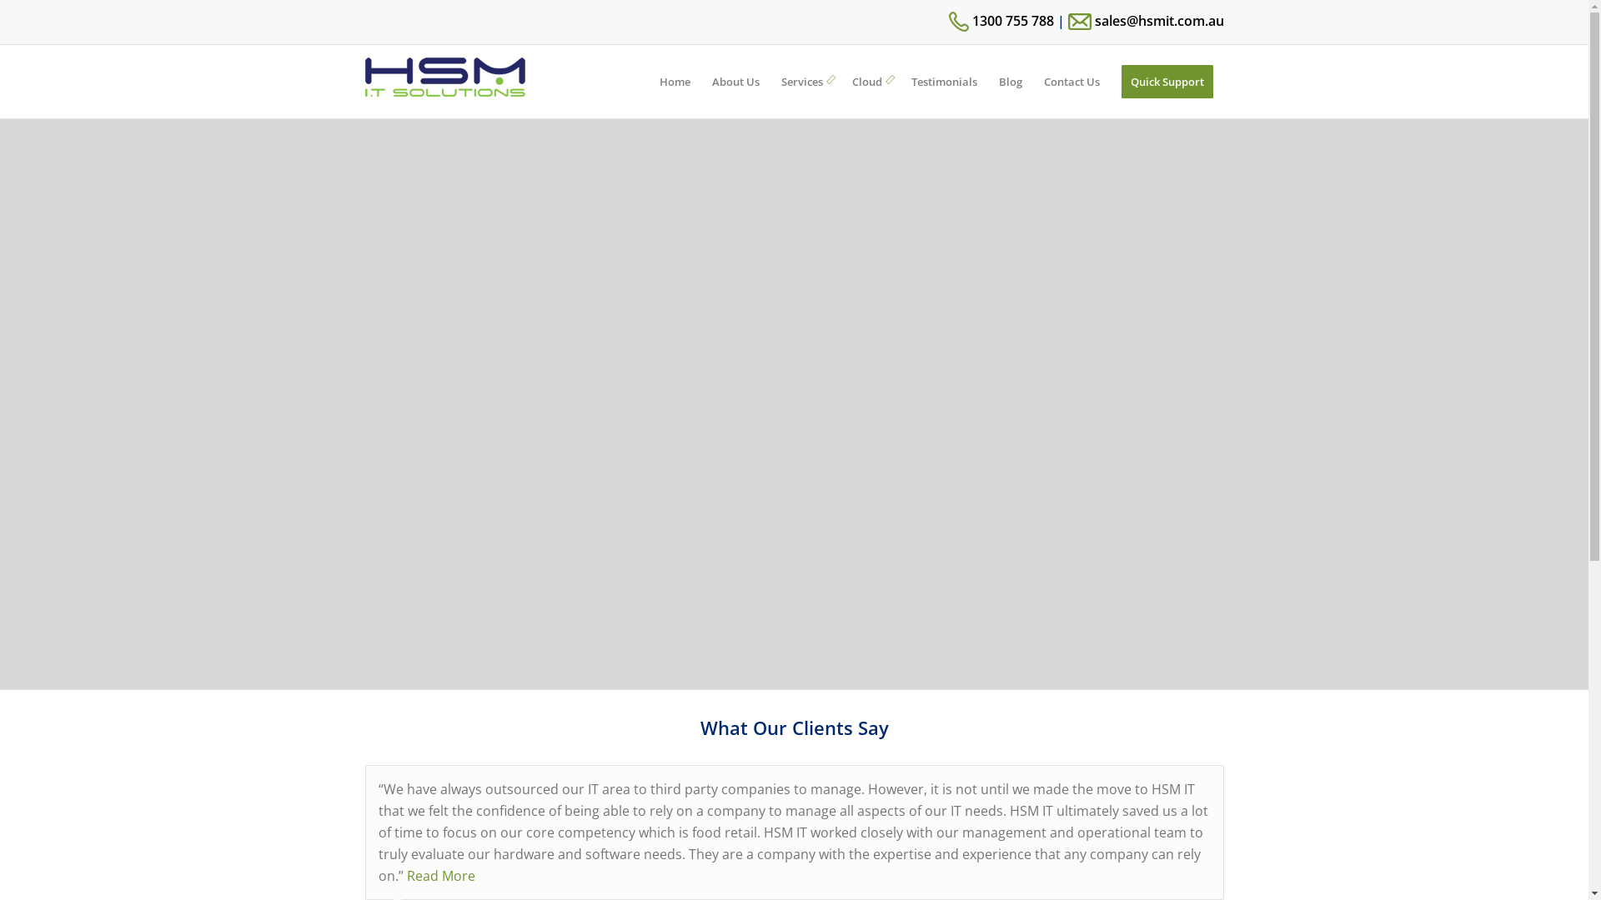  Describe the element at coordinates (1071, 81) in the screenshot. I see `'Contact Us'` at that location.